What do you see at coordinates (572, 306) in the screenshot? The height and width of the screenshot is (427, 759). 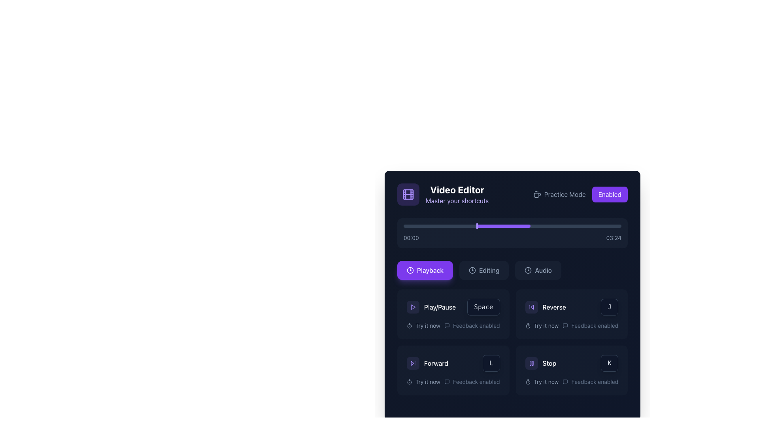 I see `the reverse playback button located in the second row of the playback controls in the Video Editor interface` at bounding box center [572, 306].